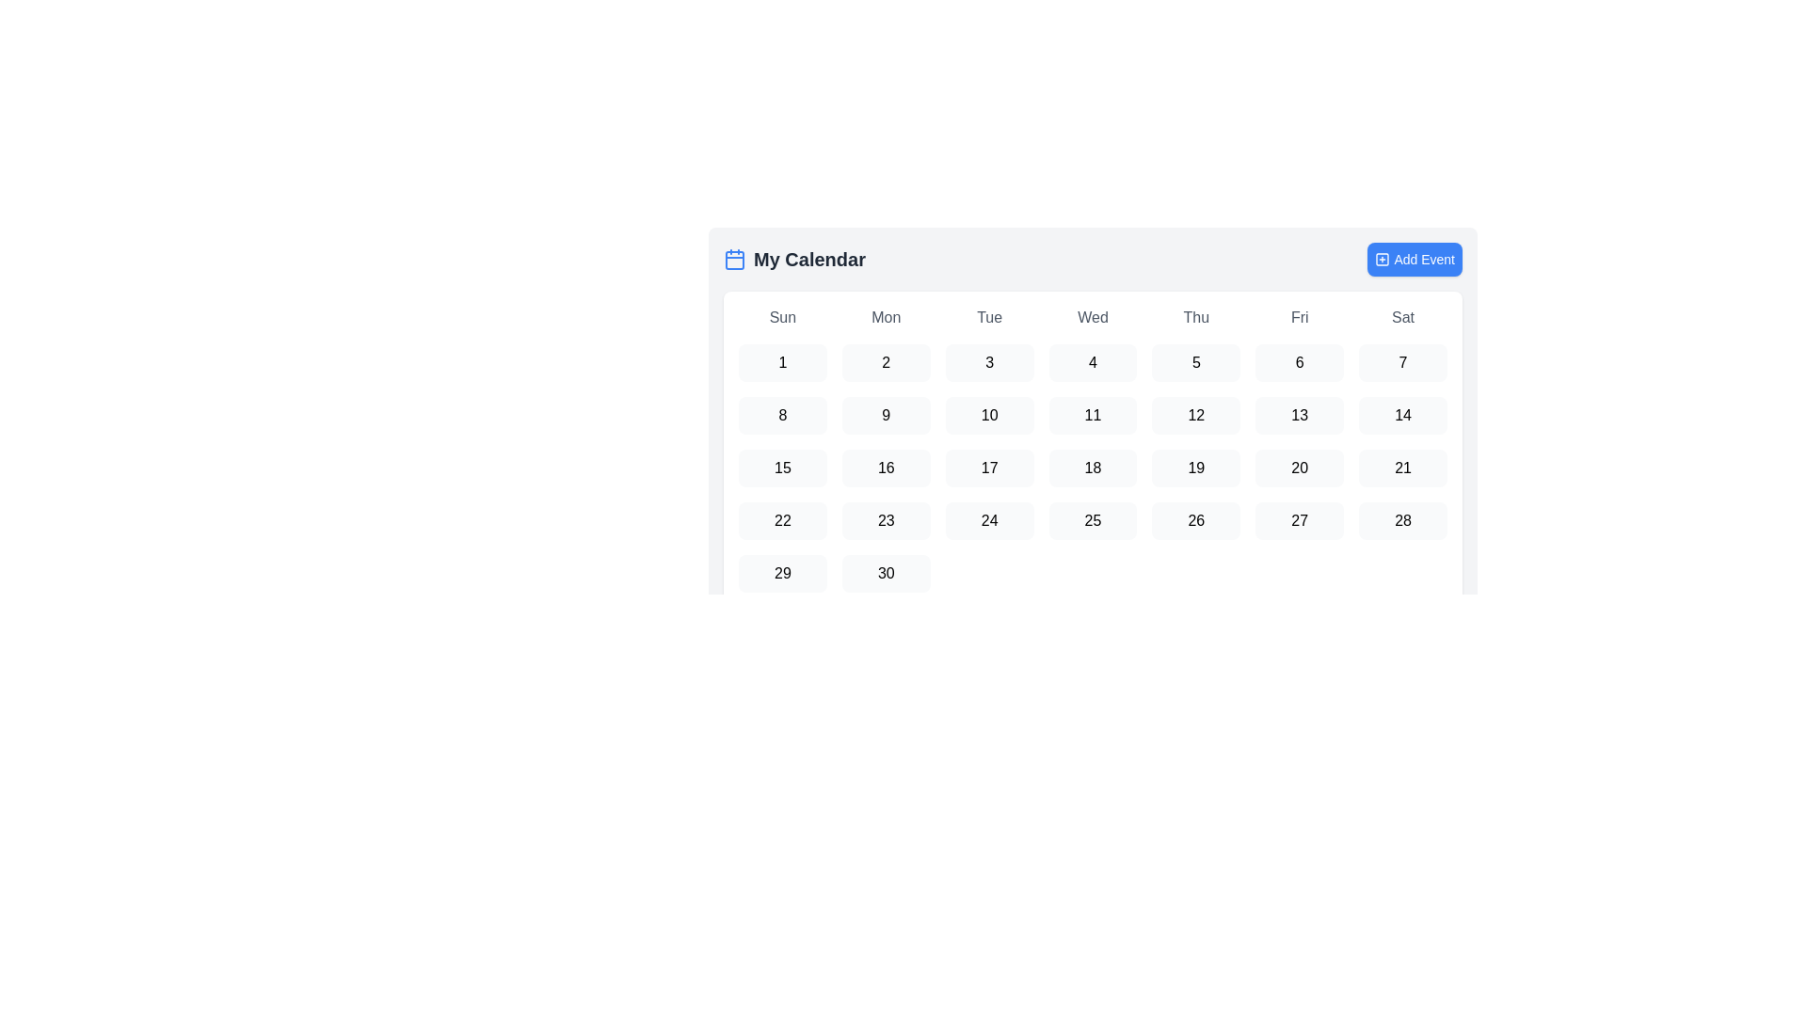 This screenshot has width=1807, height=1016. What do you see at coordinates (885, 317) in the screenshot?
I see `the text label displaying 'Mon', which is styled in gray and located in the calendar header row, between 'Sun' and 'Tue'` at bounding box center [885, 317].